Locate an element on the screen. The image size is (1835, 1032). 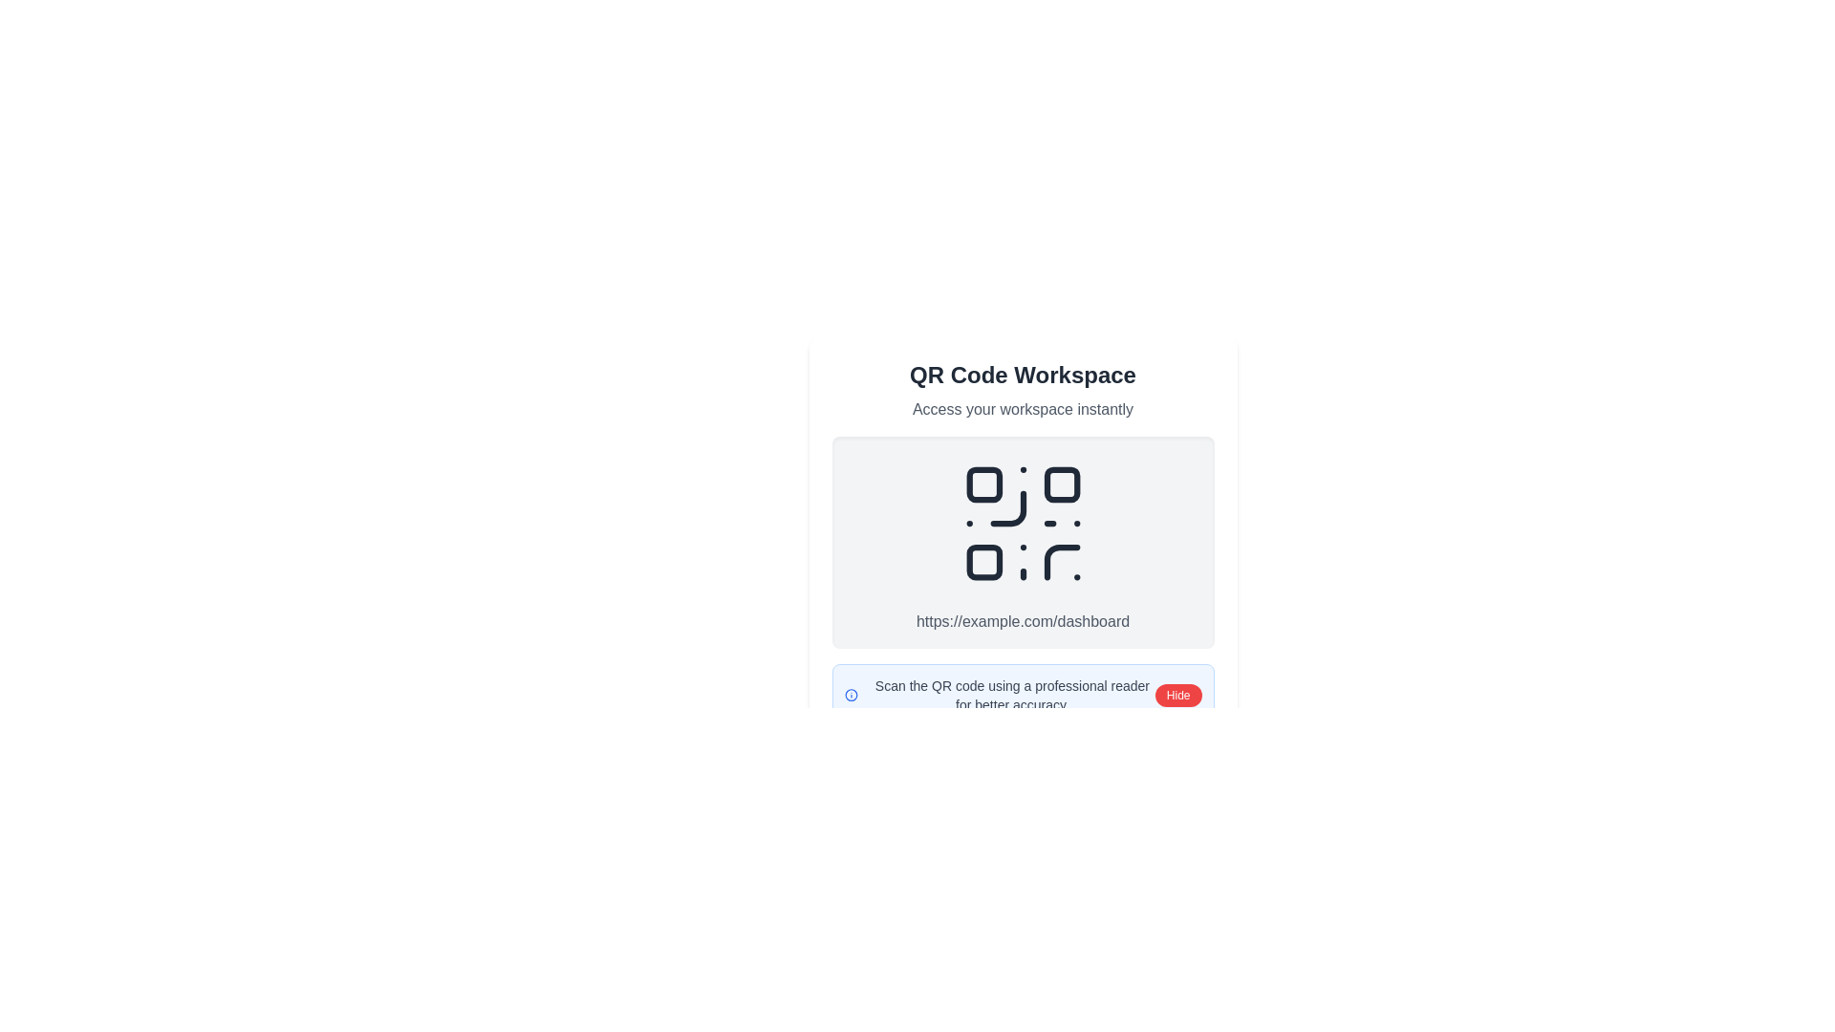
the small square decorative component located in the bottom-left corner of the QR code, which is filled with a contrasting color against its background is located at coordinates (983, 561).